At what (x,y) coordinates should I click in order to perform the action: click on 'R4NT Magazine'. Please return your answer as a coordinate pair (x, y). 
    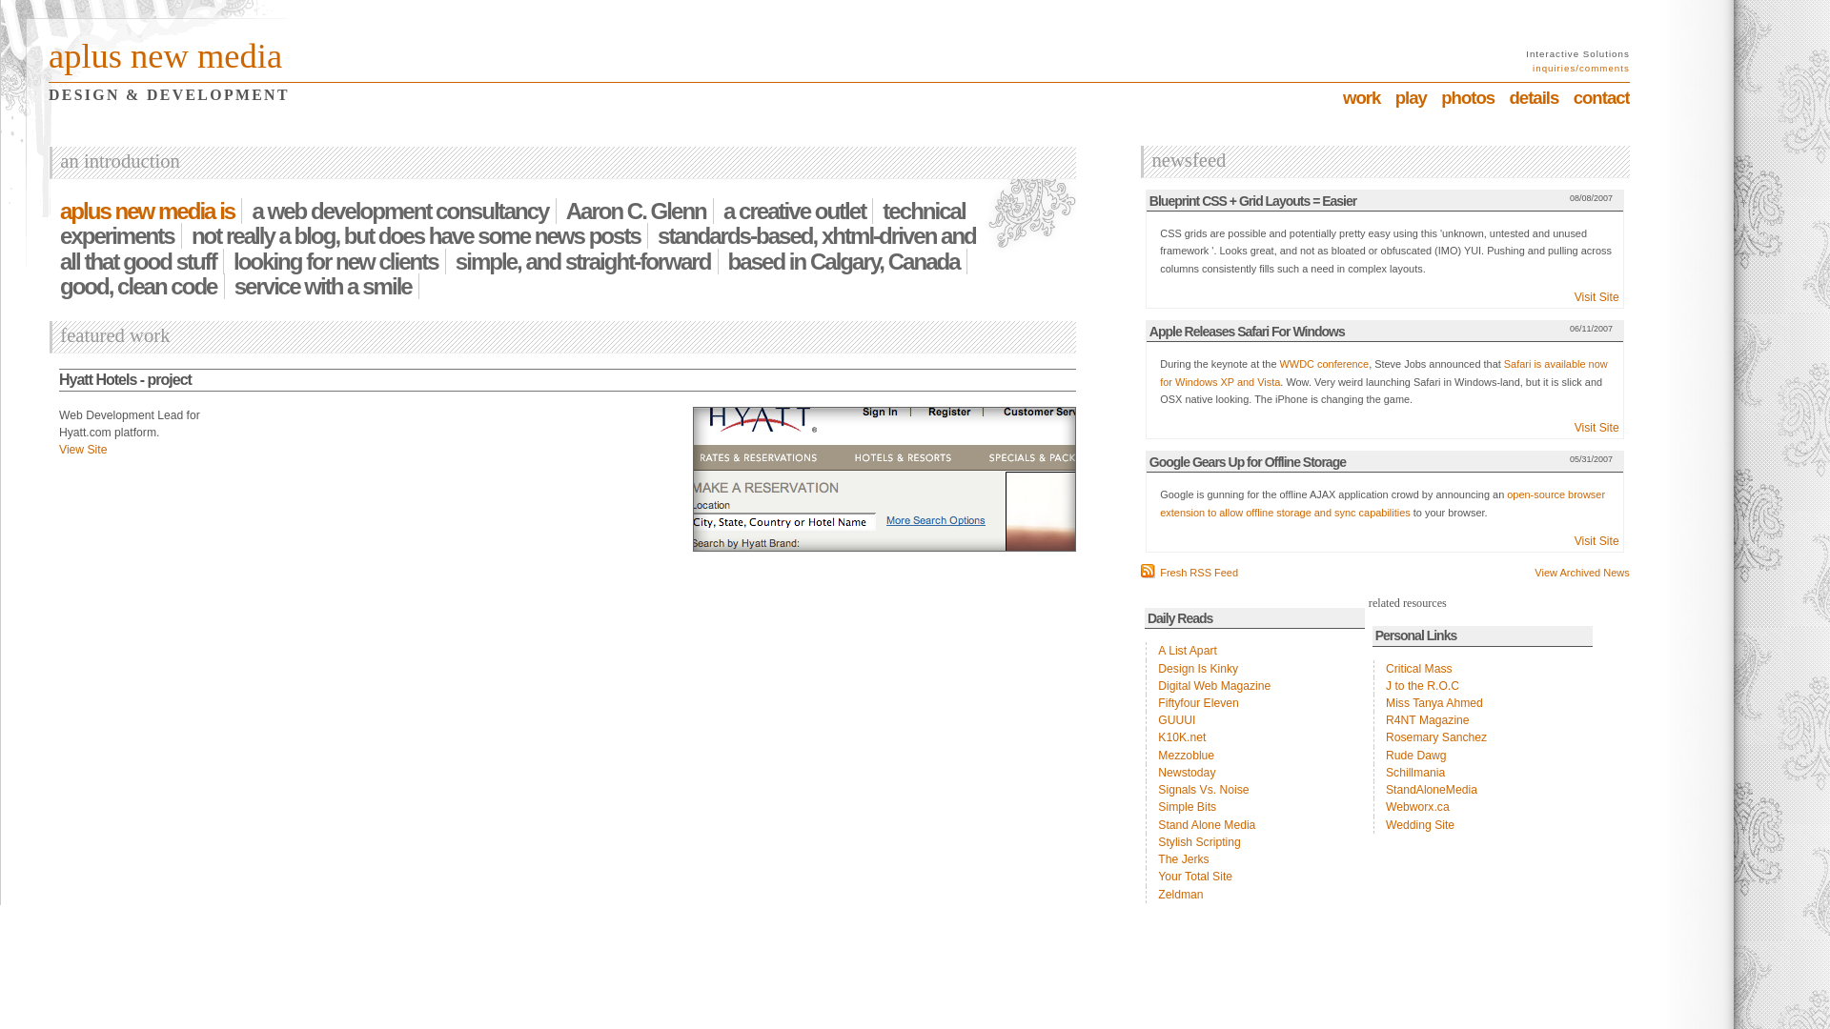
    Looking at the image, I should click on (1481, 720).